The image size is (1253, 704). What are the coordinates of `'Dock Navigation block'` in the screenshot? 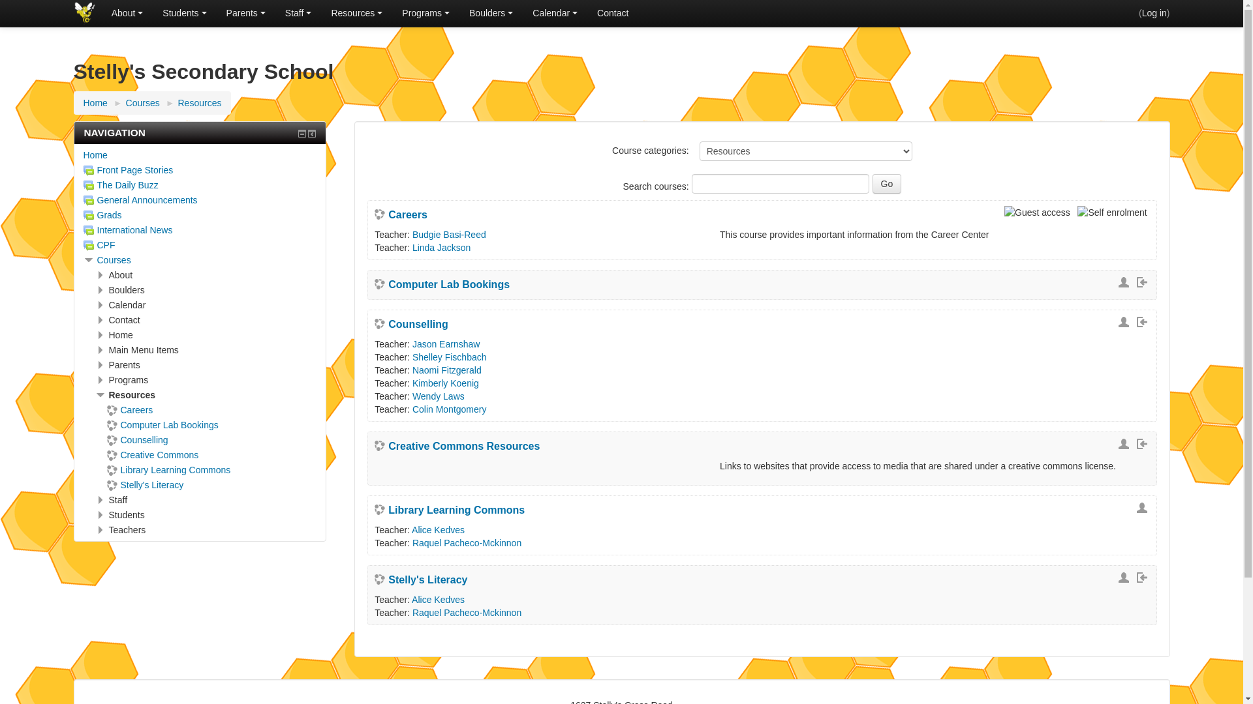 It's located at (311, 133).